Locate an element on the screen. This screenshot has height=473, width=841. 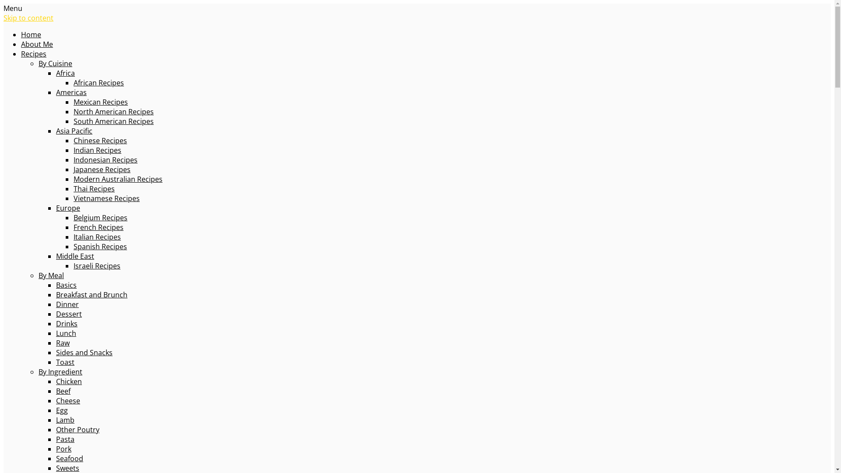
'Mexican Recipes' is located at coordinates (101, 101).